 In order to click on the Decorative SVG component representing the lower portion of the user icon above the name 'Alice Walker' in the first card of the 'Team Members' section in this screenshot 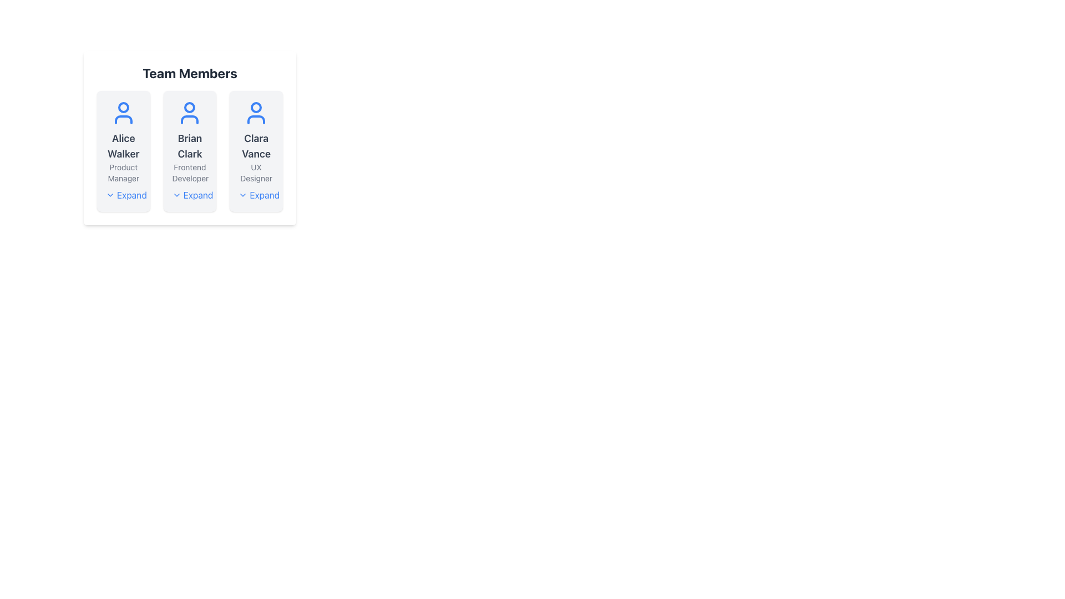, I will do `click(123, 120)`.